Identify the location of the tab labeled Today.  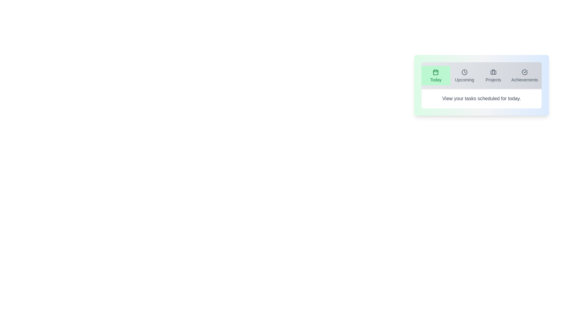
(435, 75).